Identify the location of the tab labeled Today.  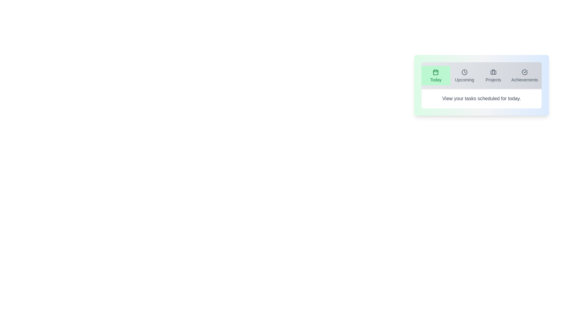
(435, 75).